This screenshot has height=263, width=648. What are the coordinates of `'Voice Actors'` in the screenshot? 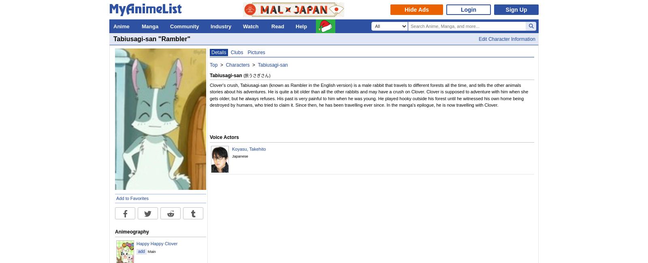 It's located at (209, 137).